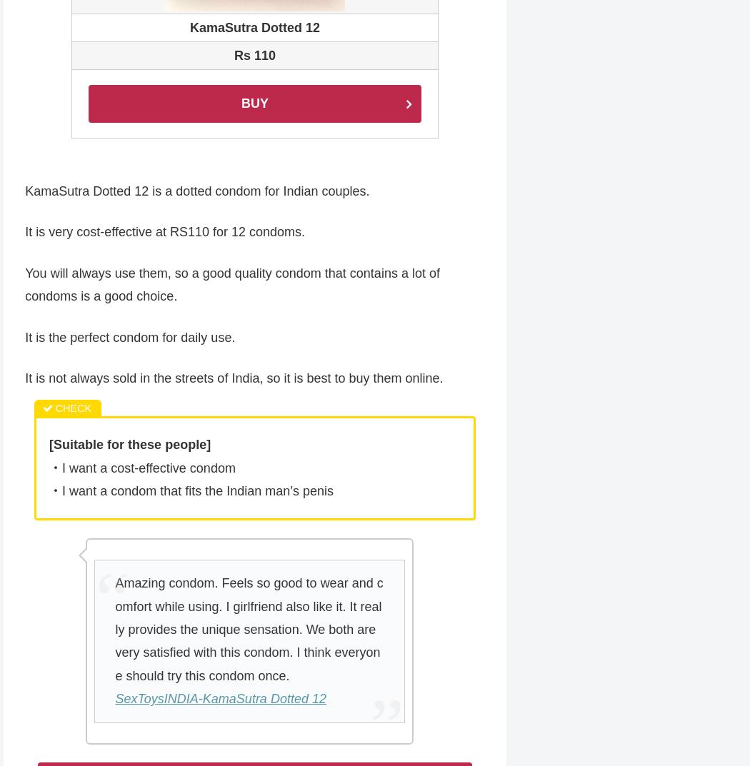 The image size is (750, 766). What do you see at coordinates (231, 285) in the screenshot?
I see `'You will always use them, so a good quality condom that contains a lot of condoms is a good choice.'` at bounding box center [231, 285].